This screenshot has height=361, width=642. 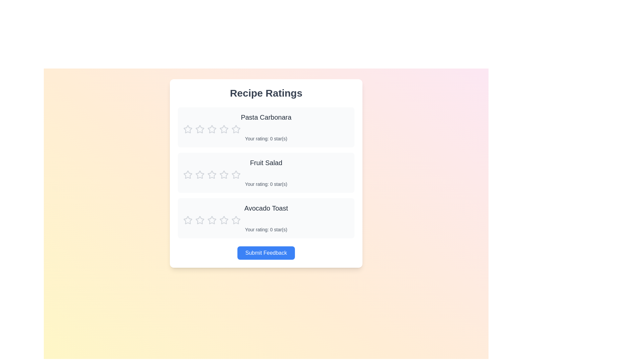 What do you see at coordinates (187, 220) in the screenshot?
I see `the first star icon in the rating section under 'Avocado Toast' to assign a rating of one star` at bounding box center [187, 220].